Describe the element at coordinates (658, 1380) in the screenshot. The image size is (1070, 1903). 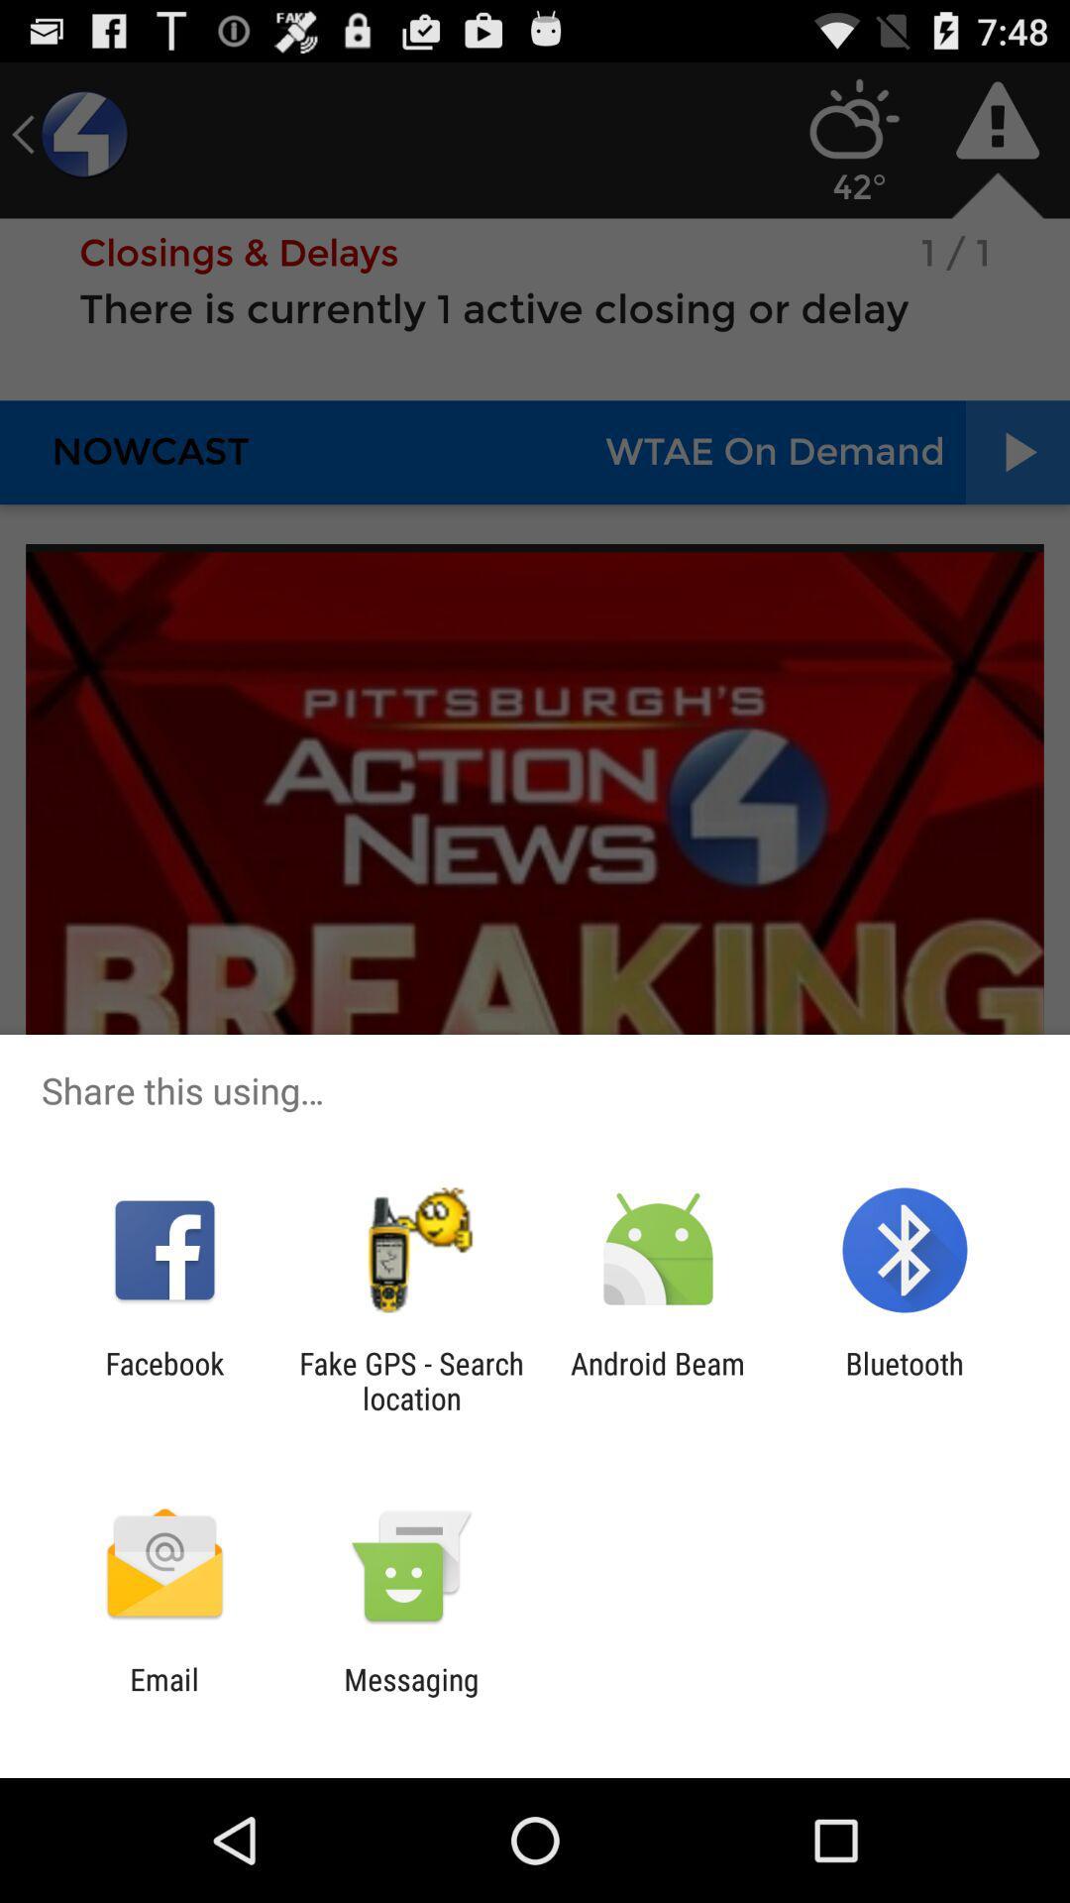
I see `android beam` at that location.